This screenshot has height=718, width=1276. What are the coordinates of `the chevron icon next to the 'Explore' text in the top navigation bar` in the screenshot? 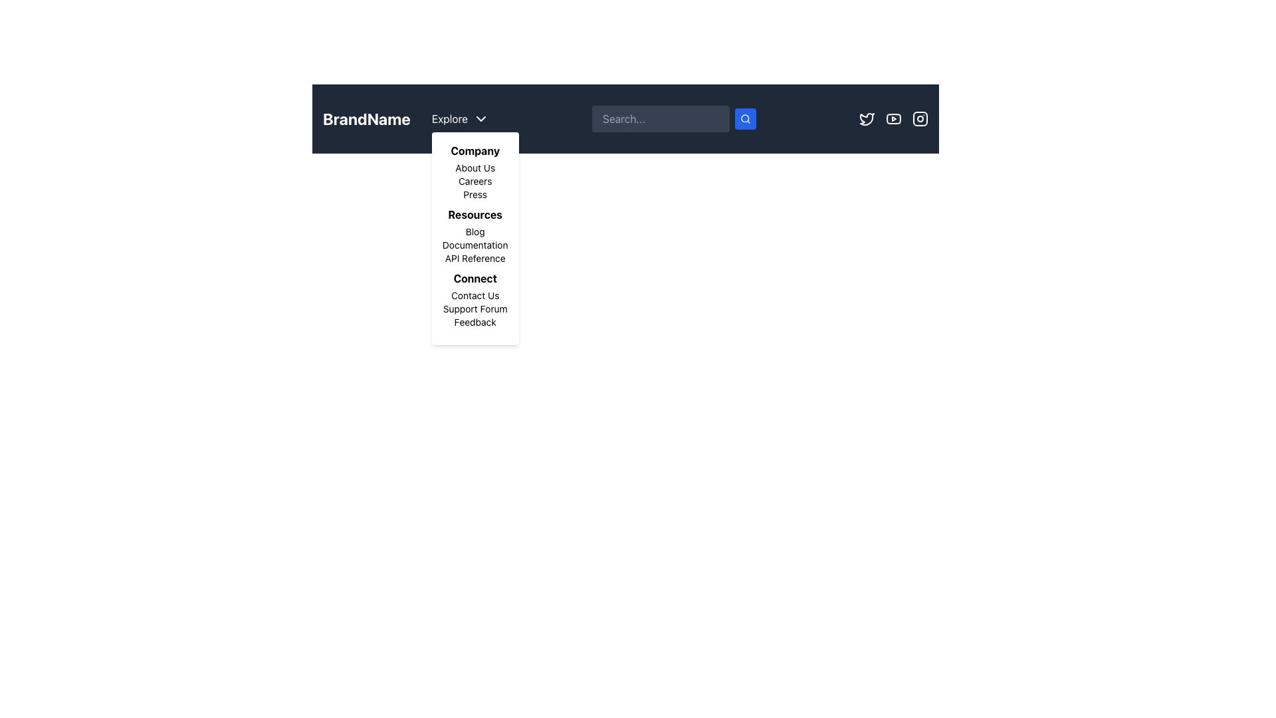 It's located at (480, 118).